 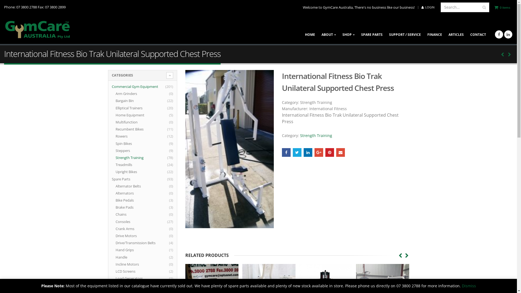 What do you see at coordinates (456, 29) in the screenshot?
I see `'ARTICLES'` at bounding box center [456, 29].